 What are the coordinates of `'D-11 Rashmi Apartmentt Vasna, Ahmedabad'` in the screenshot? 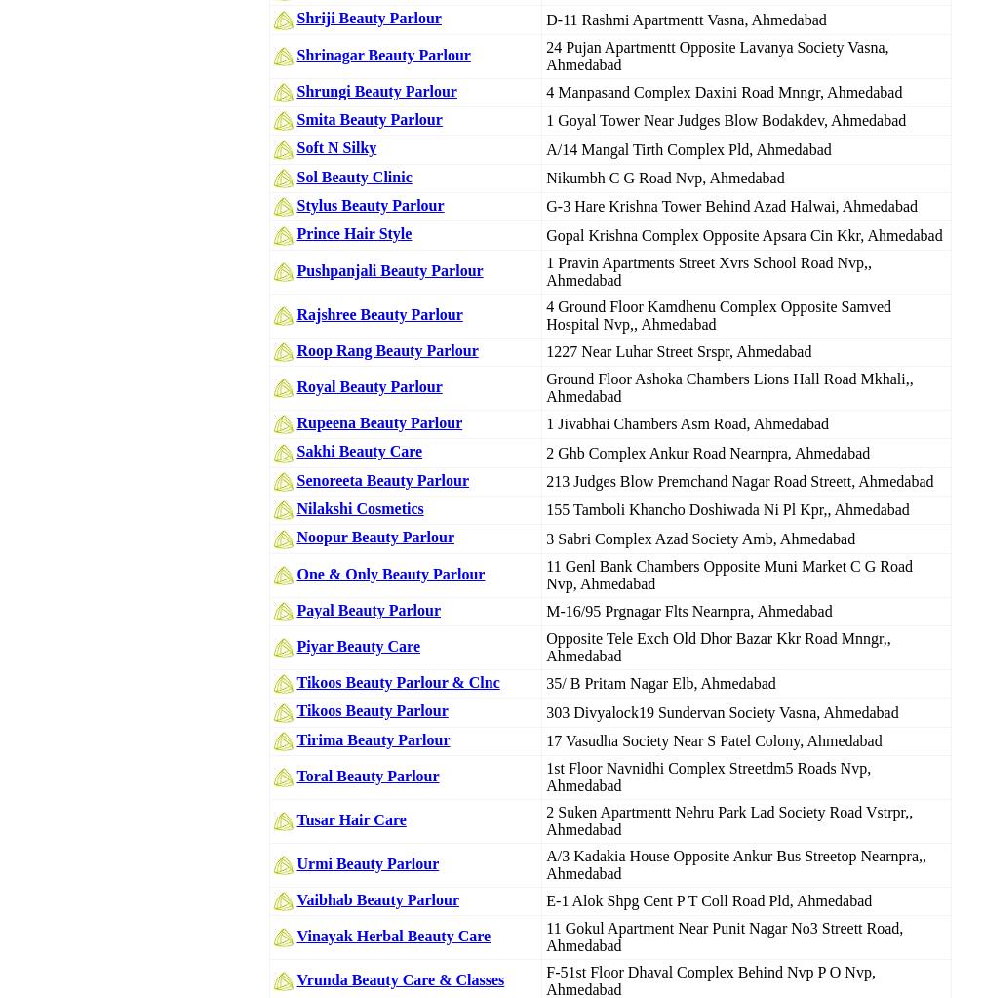 It's located at (686, 19).